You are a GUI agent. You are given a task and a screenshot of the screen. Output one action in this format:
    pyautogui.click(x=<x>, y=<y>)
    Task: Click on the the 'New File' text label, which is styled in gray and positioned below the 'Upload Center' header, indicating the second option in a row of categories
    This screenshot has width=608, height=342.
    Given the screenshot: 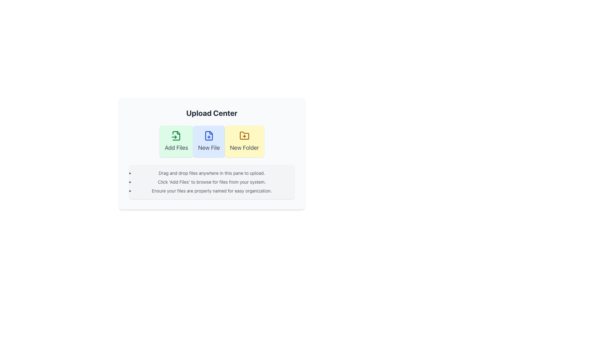 What is the action you would take?
    pyautogui.click(x=209, y=148)
    